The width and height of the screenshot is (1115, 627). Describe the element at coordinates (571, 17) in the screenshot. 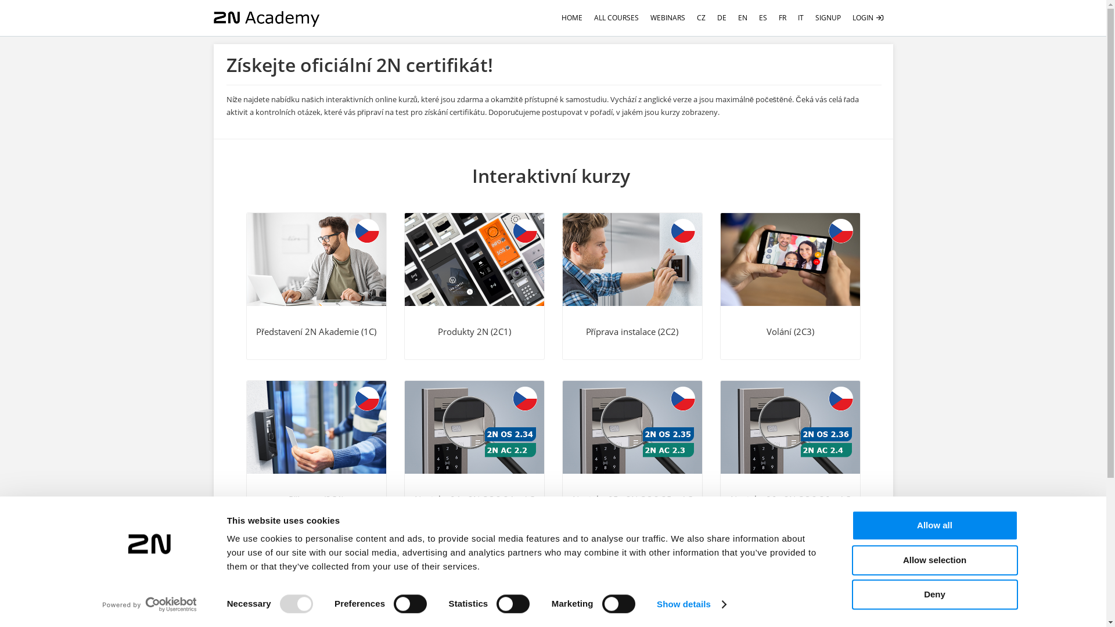

I see `'HOME'` at that location.